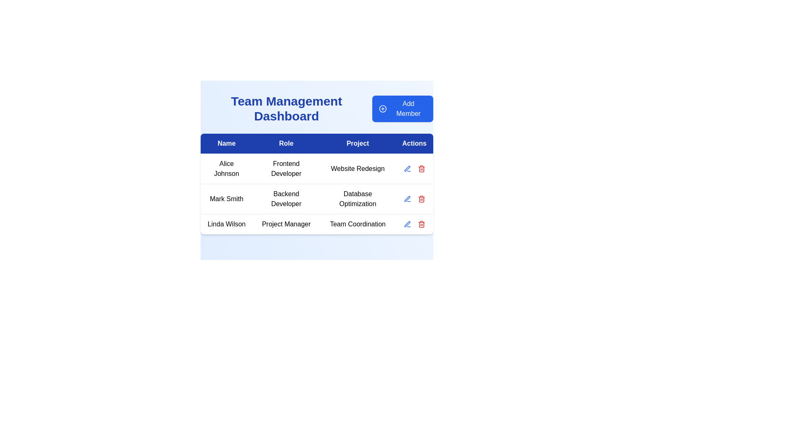 This screenshot has height=447, width=796. I want to click on the table row displaying information about an individual located in the middle row of the table, directly below 'Alice Johnson' and above 'Linda Wilson', so click(316, 194).